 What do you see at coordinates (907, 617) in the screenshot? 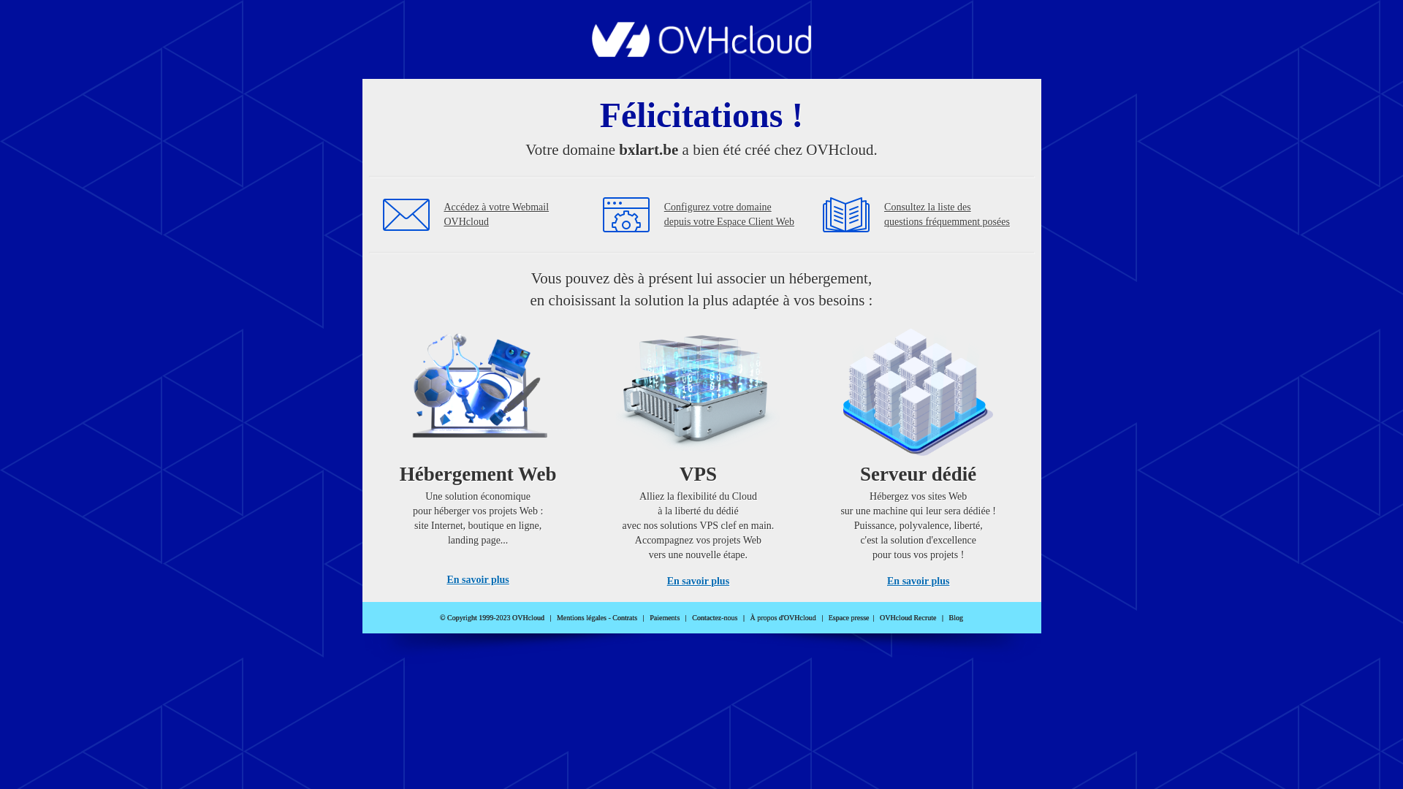
I see `'OVHcloud Recrute'` at bounding box center [907, 617].